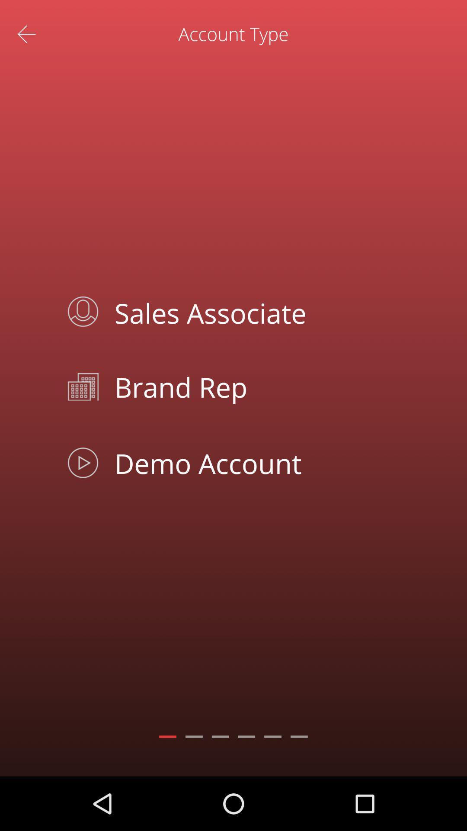  I want to click on app above brand rep item, so click(253, 312).